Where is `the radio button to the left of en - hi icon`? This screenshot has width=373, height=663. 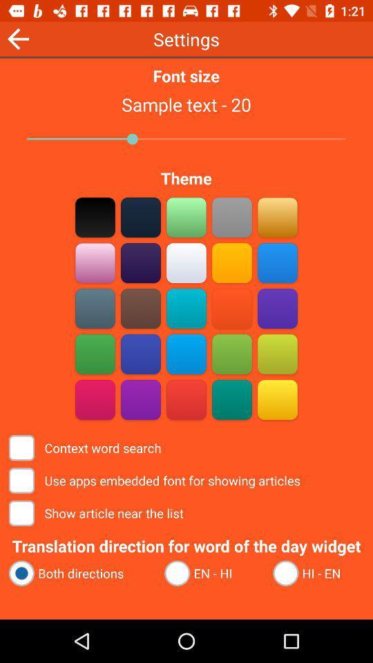 the radio button to the left of en - hi icon is located at coordinates (80, 573).